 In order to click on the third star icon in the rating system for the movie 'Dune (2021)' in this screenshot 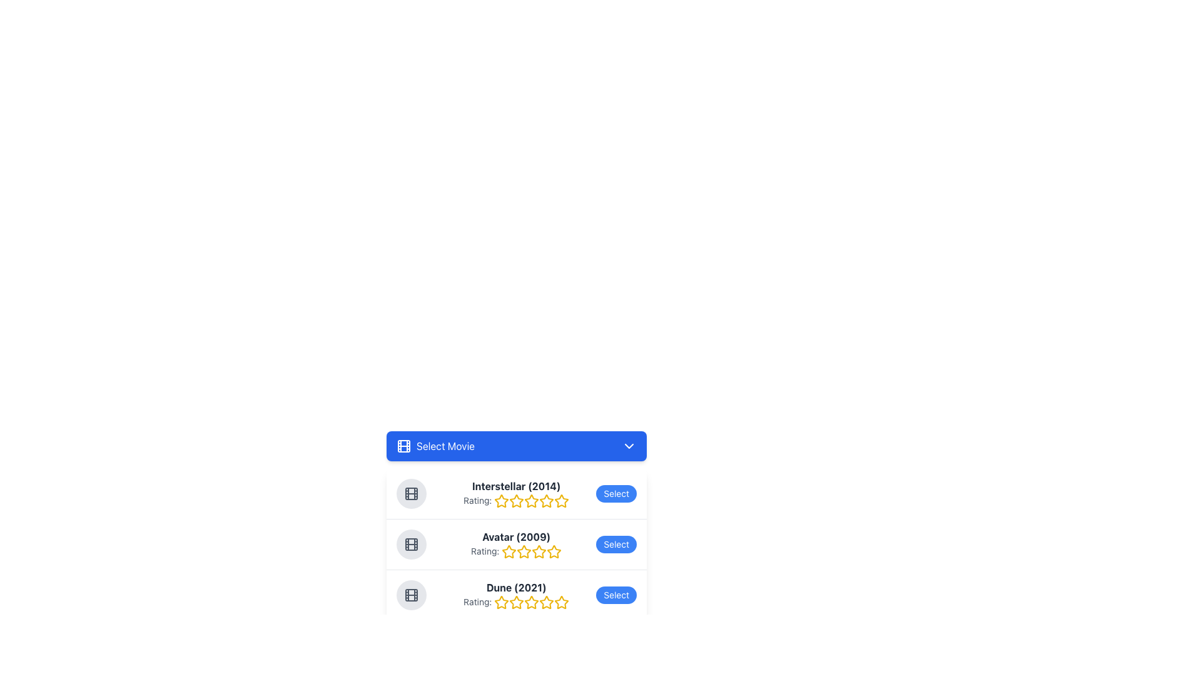, I will do `click(532, 602)`.